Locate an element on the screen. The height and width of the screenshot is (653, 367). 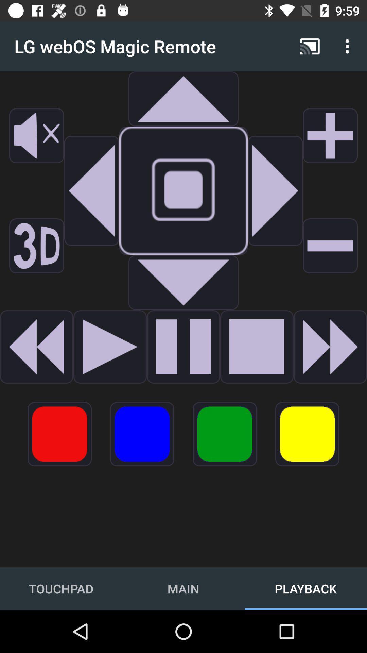
fast forward is located at coordinates (330, 347).